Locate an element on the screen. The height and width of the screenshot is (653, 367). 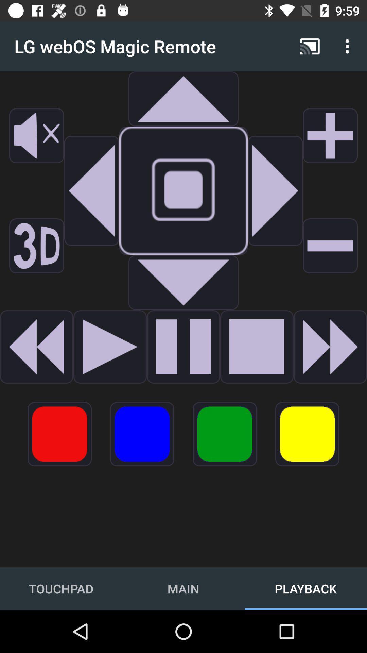
fast forward is located at coordinates (330, 347).